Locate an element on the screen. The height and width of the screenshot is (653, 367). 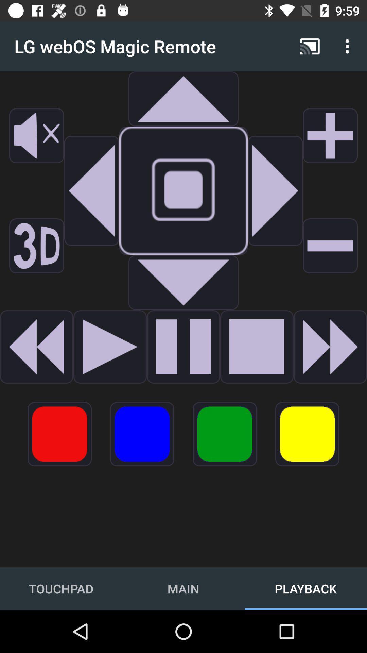
fast forward is located at coordinates (330, 347).